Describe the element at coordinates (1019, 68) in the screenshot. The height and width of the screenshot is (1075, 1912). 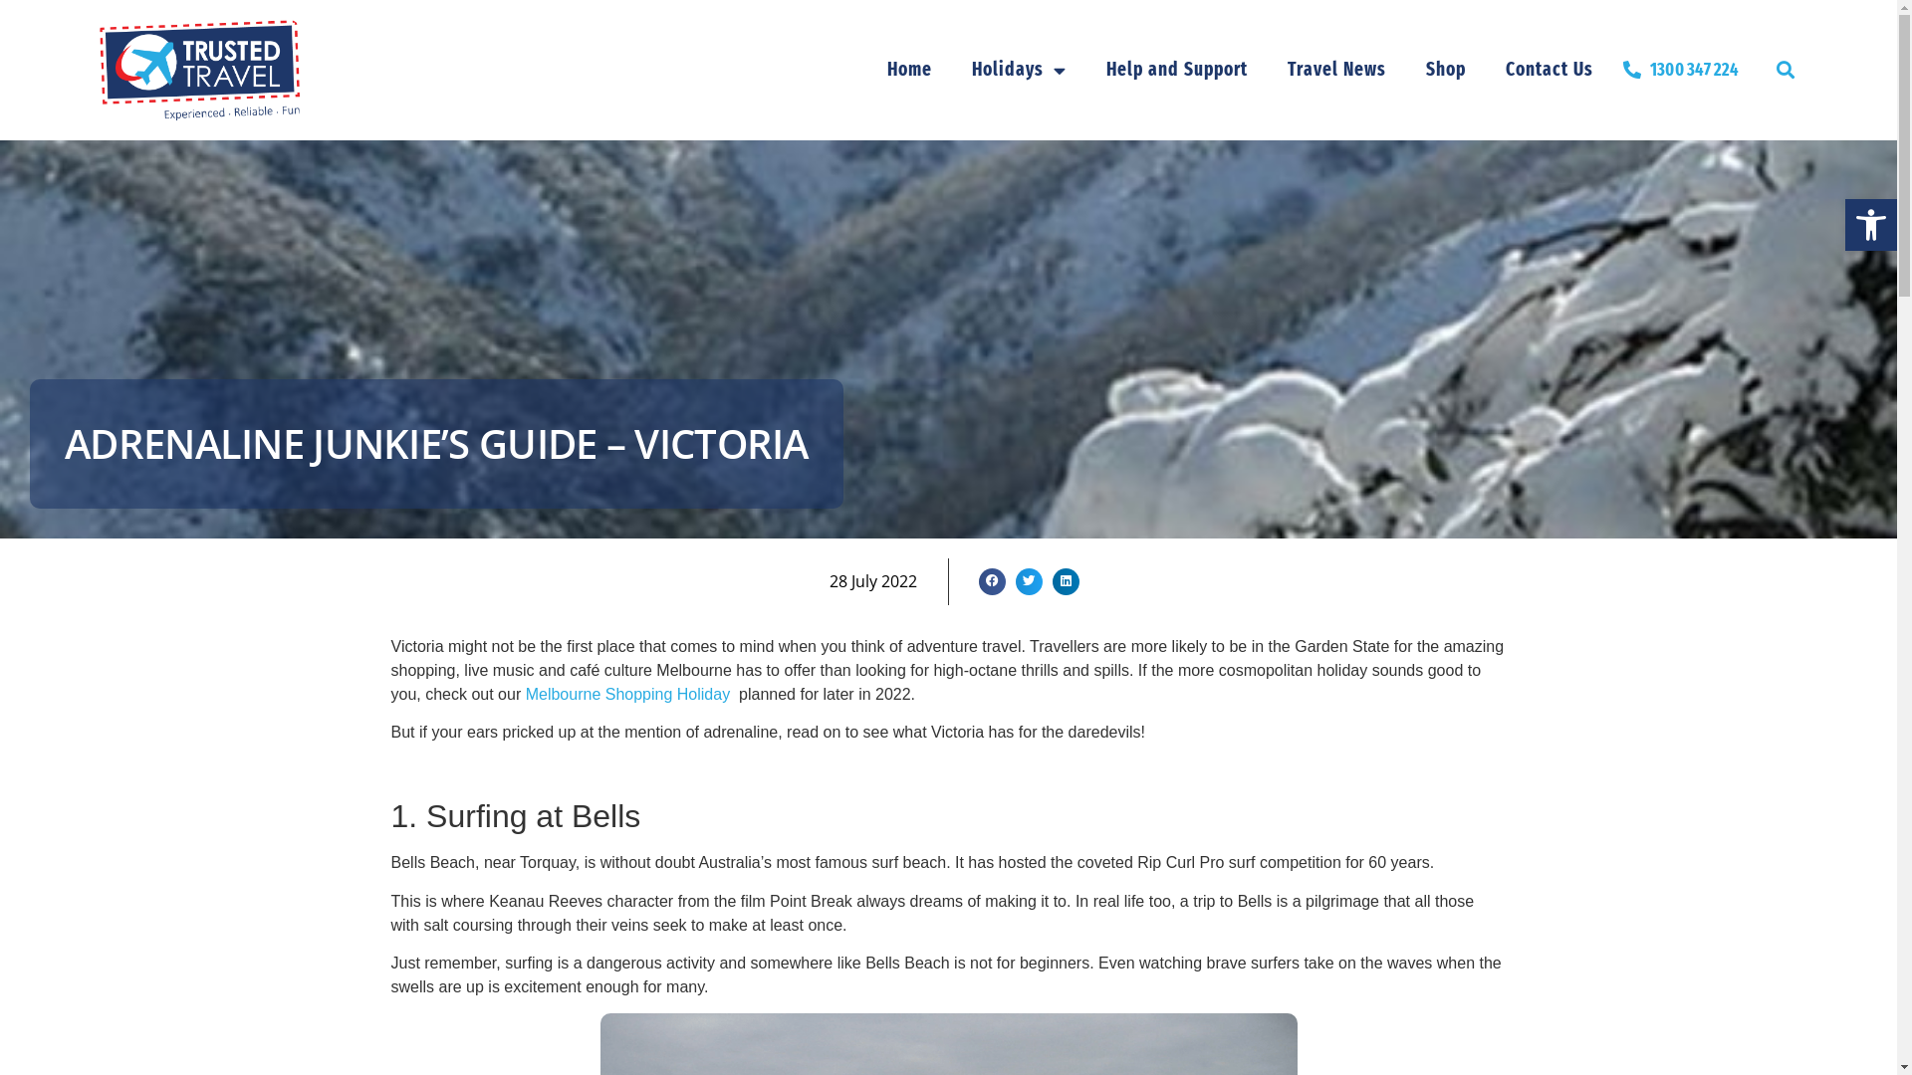
I see `'Holidays'` at that location.